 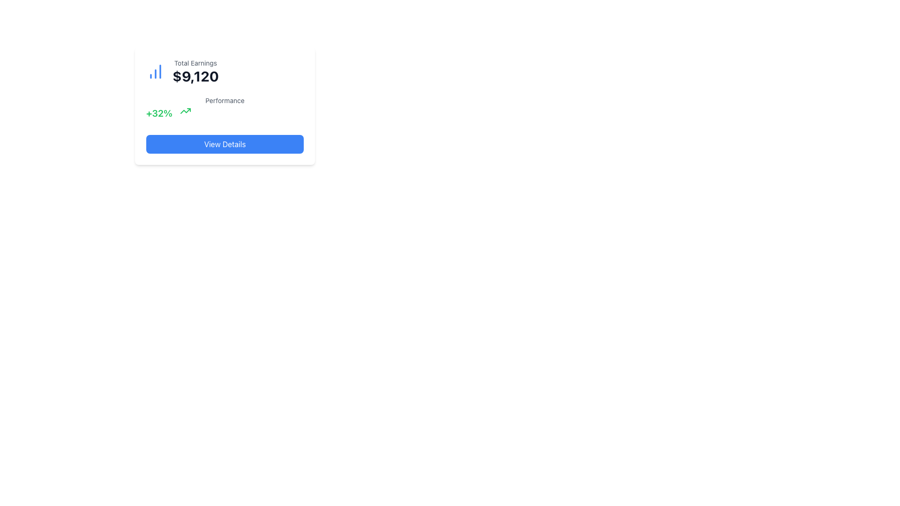 What do you see at coordinates (185, 110) in the screenshot?
I see `the upward trending arrow icon with a thin green stroke, located near the '+32%' text indicating growth within a card displaying earnings and performance metrics` at bounding box center [185, 110].